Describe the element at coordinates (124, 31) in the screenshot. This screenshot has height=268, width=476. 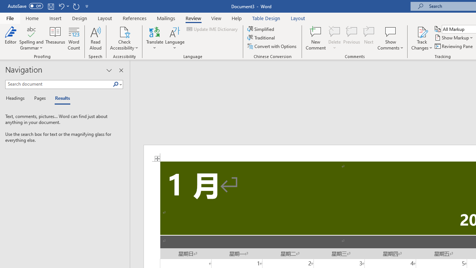
I see `'Check Accessibility'` at that location.